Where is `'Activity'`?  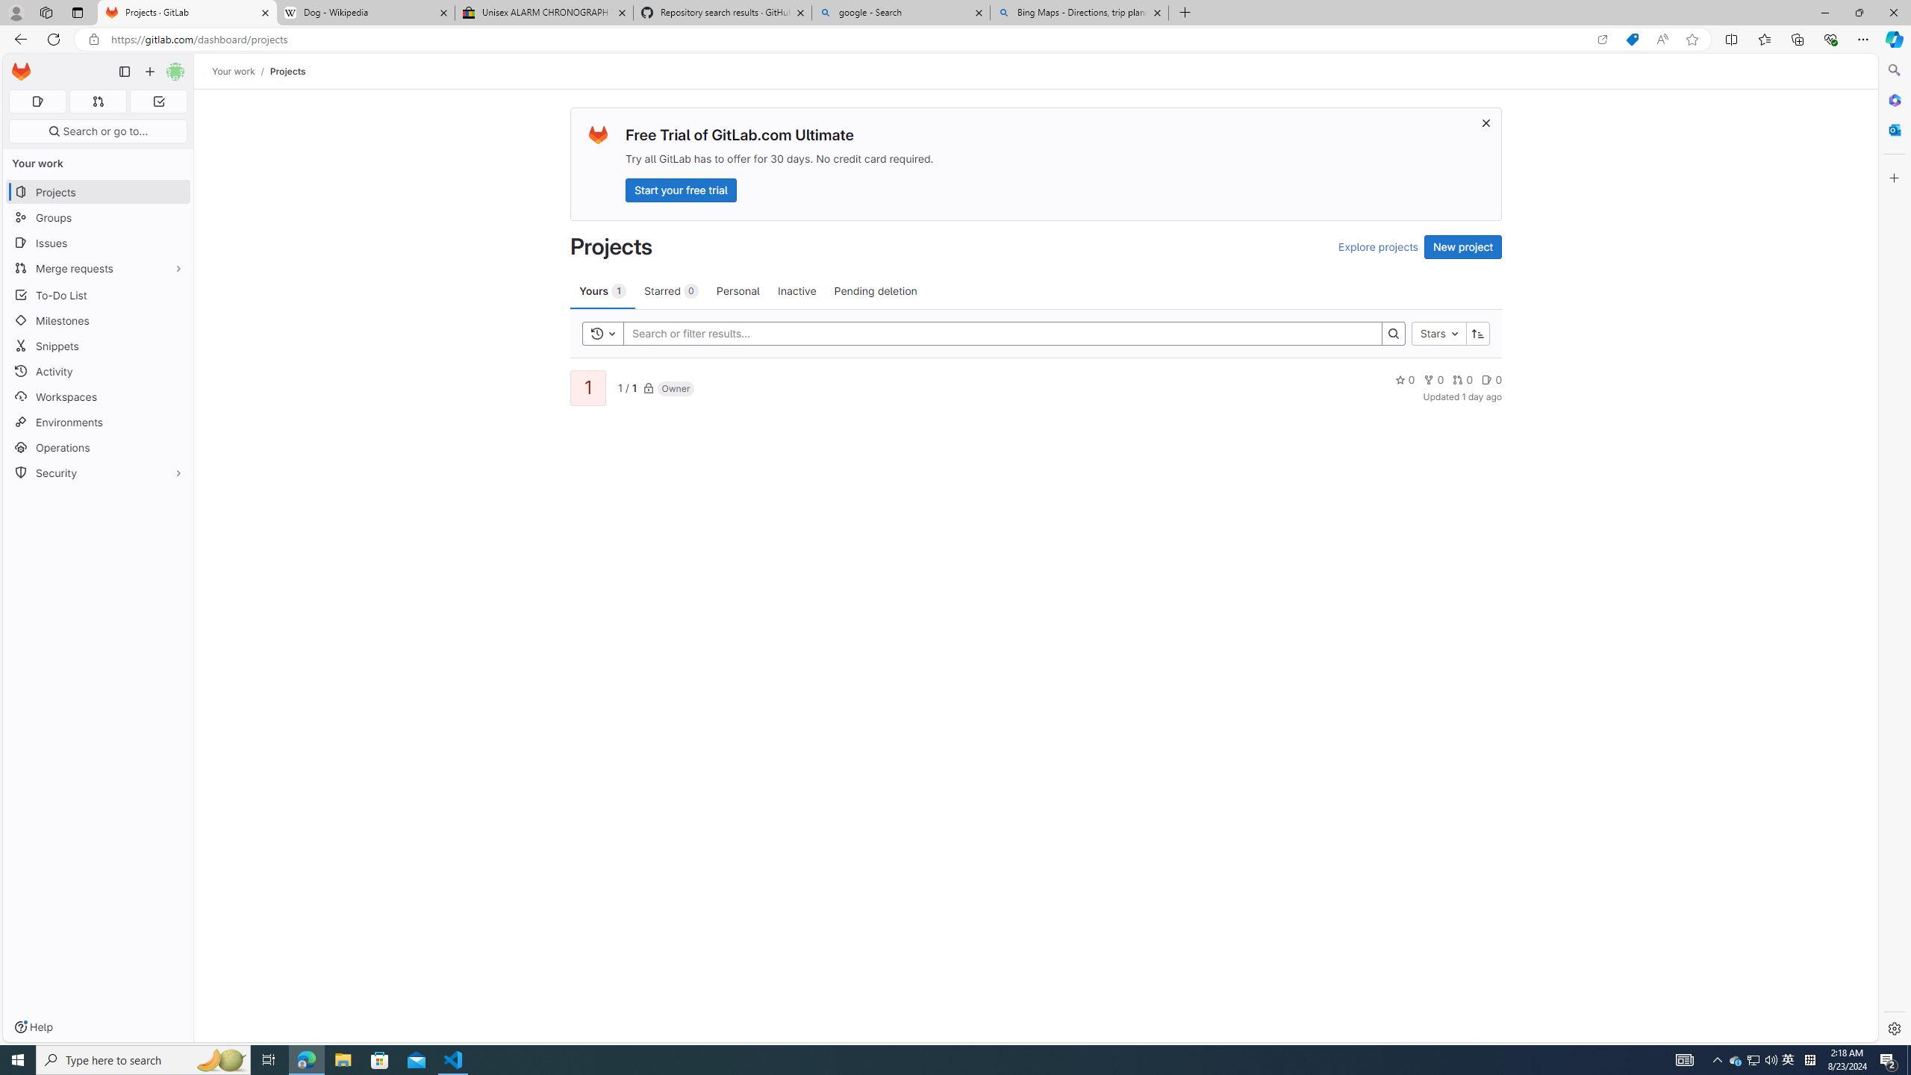 'Activity' is located at coordinates (97, 371).